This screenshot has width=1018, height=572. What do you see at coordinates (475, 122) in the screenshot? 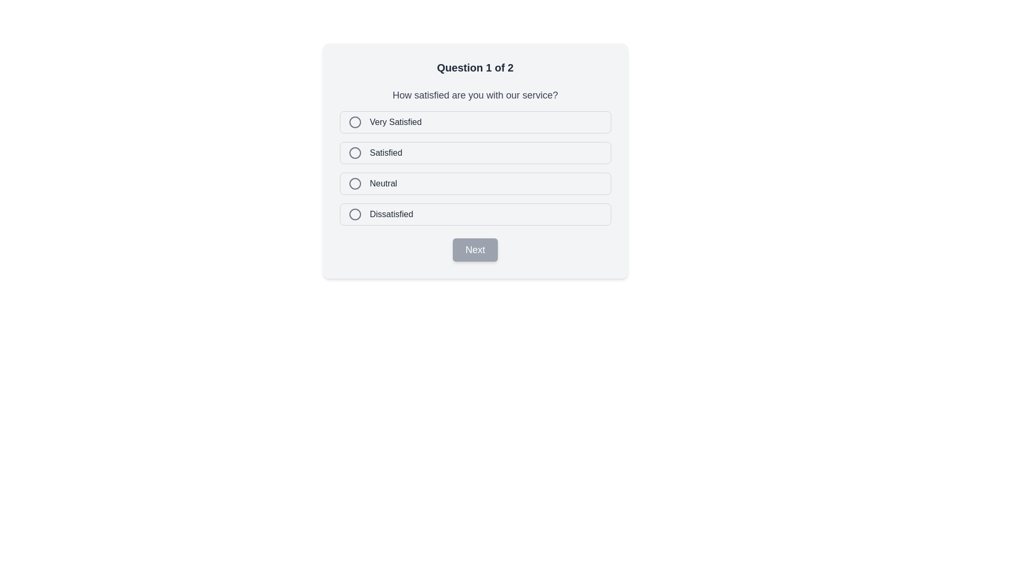
I see `the 'Very Satisfied' radio button option` at bounding box center [475, 122].